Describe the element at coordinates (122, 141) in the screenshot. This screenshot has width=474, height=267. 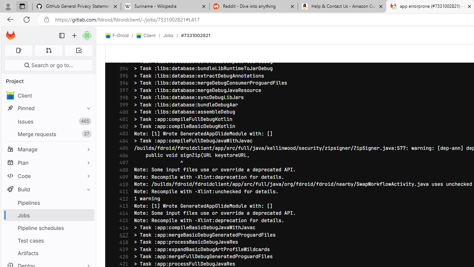
I see `'404'` at that location.